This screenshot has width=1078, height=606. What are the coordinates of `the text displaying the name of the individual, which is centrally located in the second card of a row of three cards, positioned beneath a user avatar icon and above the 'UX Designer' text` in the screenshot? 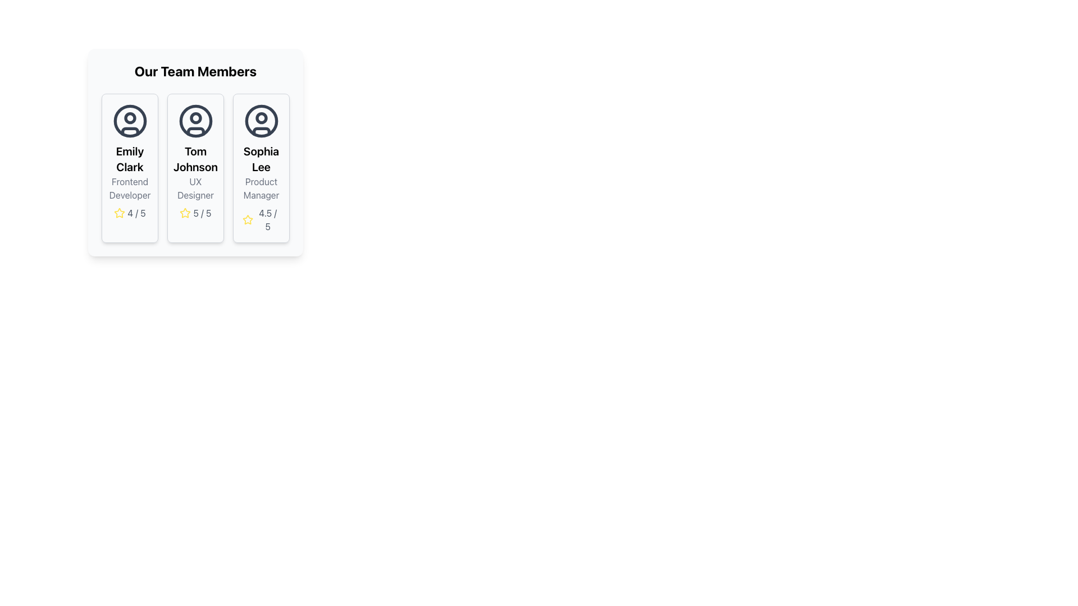 It's located at (195, 159).